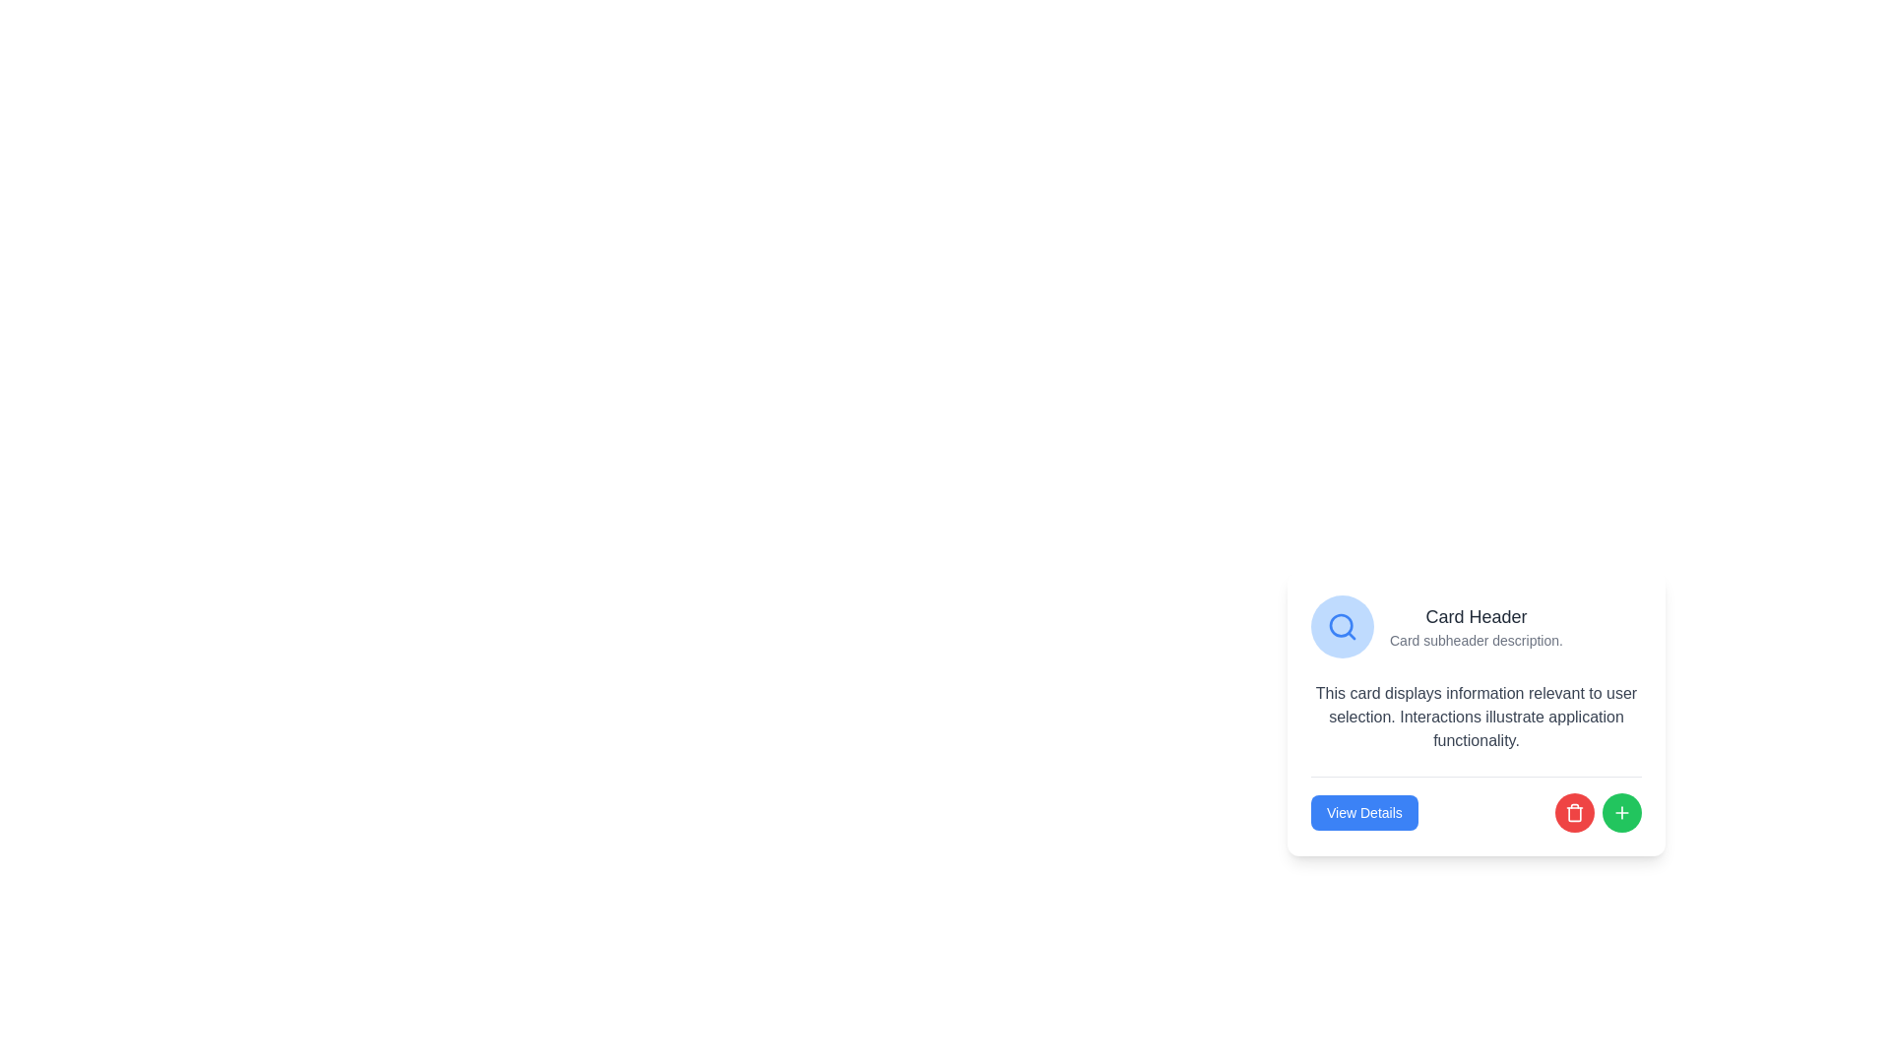 The image size is (1890, 1063). Describe the element at coordinates (1341, 626) in the screenshot. I see `the Circular Icon Button with a soft blue background and a centered search icon for accessibility interactions` at that location.